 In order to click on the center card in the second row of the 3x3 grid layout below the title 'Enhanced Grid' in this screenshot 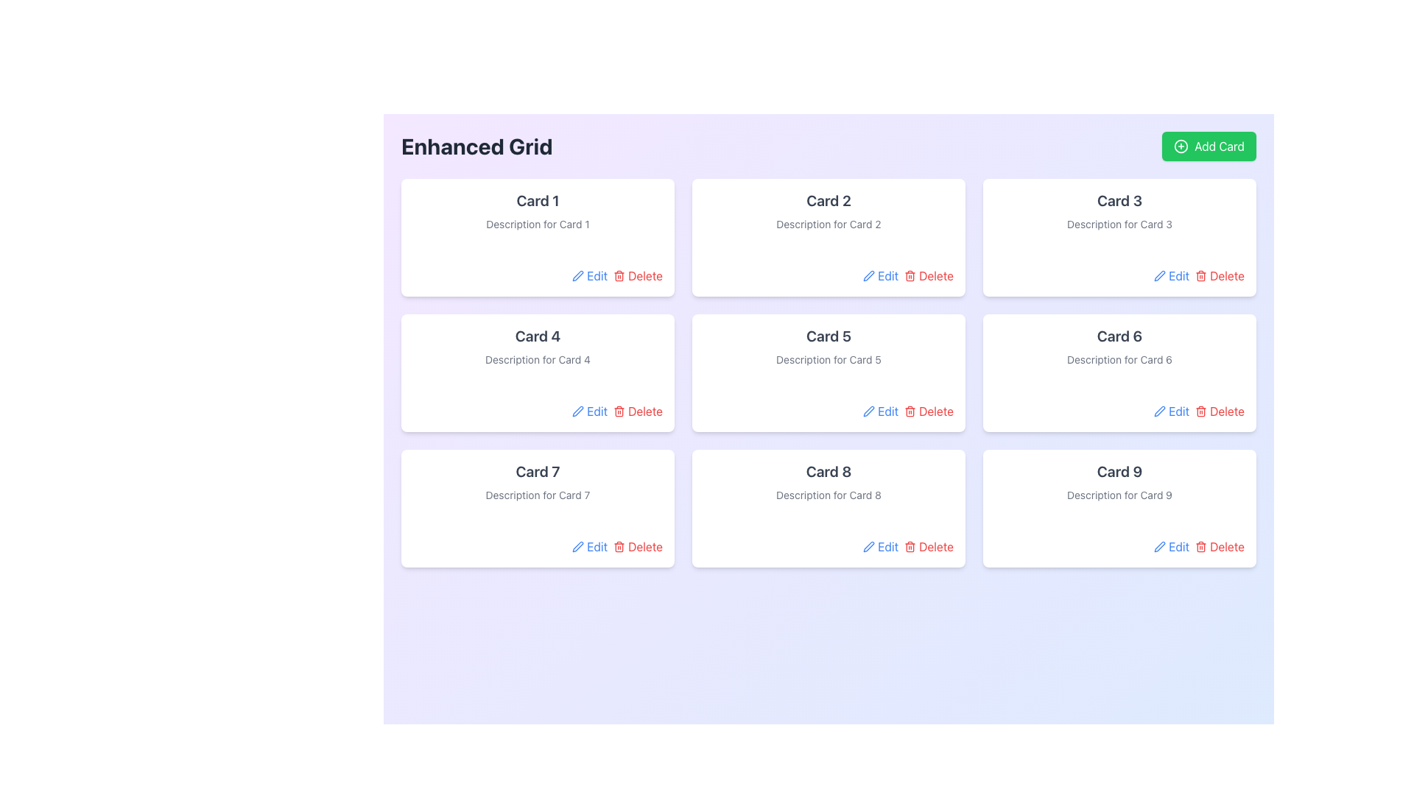, I will do `click(829, 346)`.